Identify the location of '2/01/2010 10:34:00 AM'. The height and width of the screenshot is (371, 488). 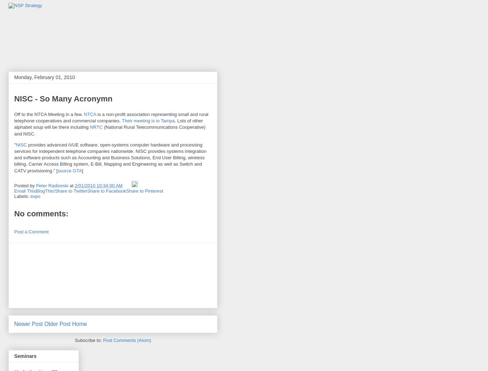
(98, 185).